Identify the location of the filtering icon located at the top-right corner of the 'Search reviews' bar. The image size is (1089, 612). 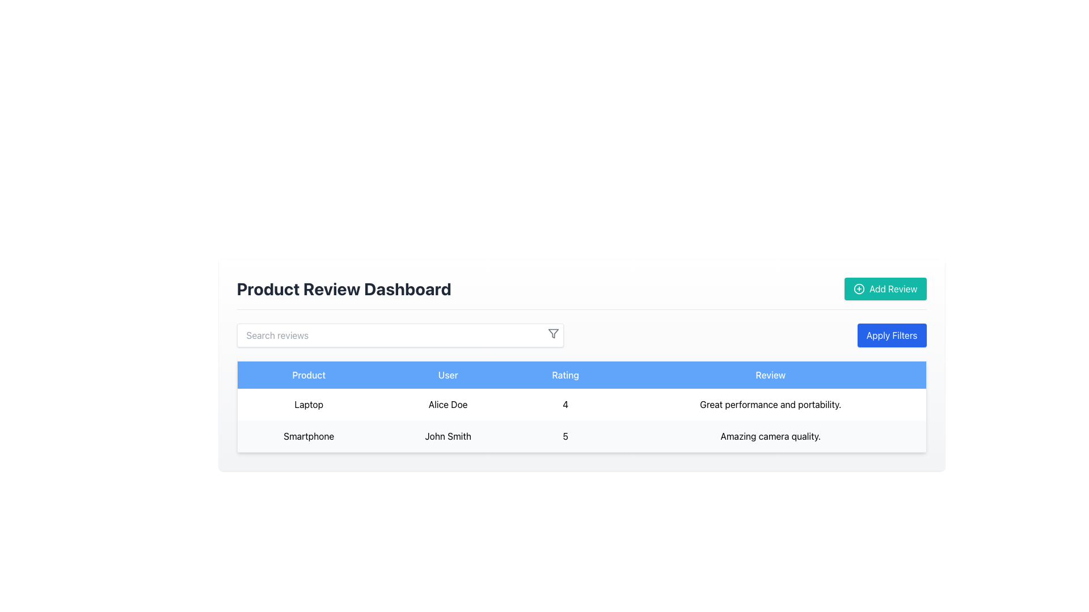
(553, 333).